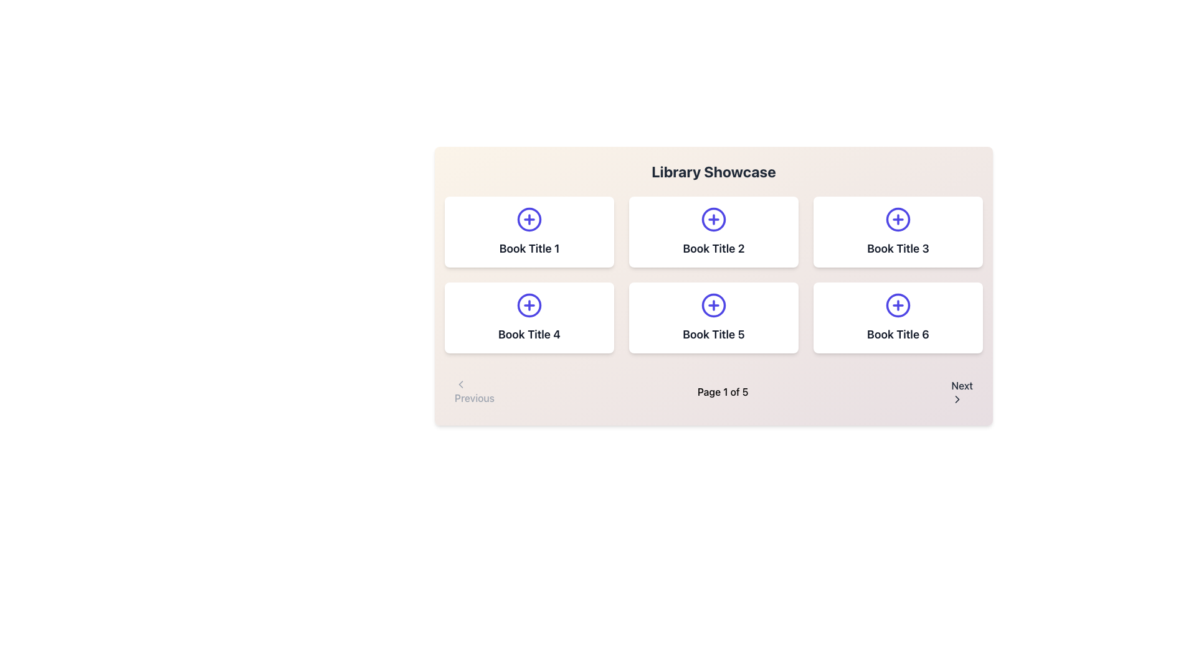  What do you see at coordinates (714, 334) in the screenshot?
I see `the text element displaying 'Book Title 5' which is located in the fifth card of the grid layout in the second row and second column` at bounding box center [714, 334].